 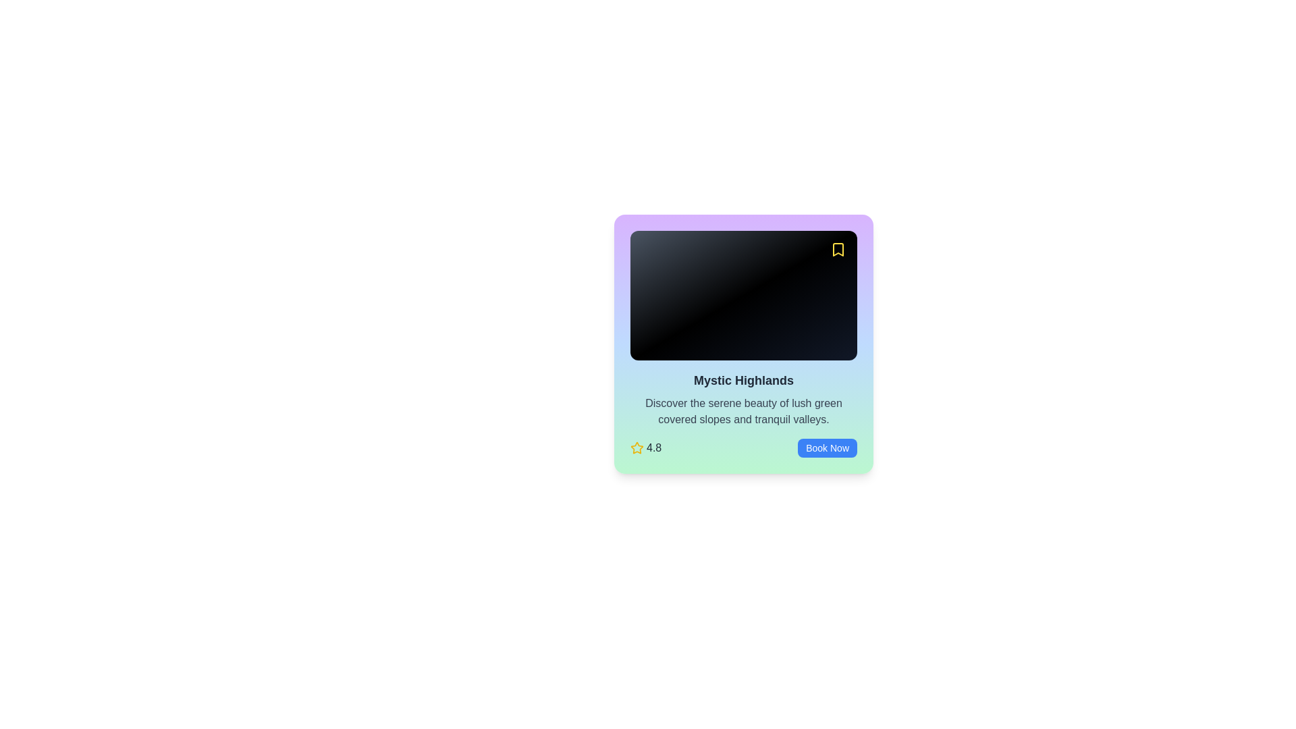 What do you see at coordinates (637, 448) in the screenshot?
I see `the star icon with a yellow outline that is located to the left of the text label '4.8' within the UI card` at bounding box center [637, 448].